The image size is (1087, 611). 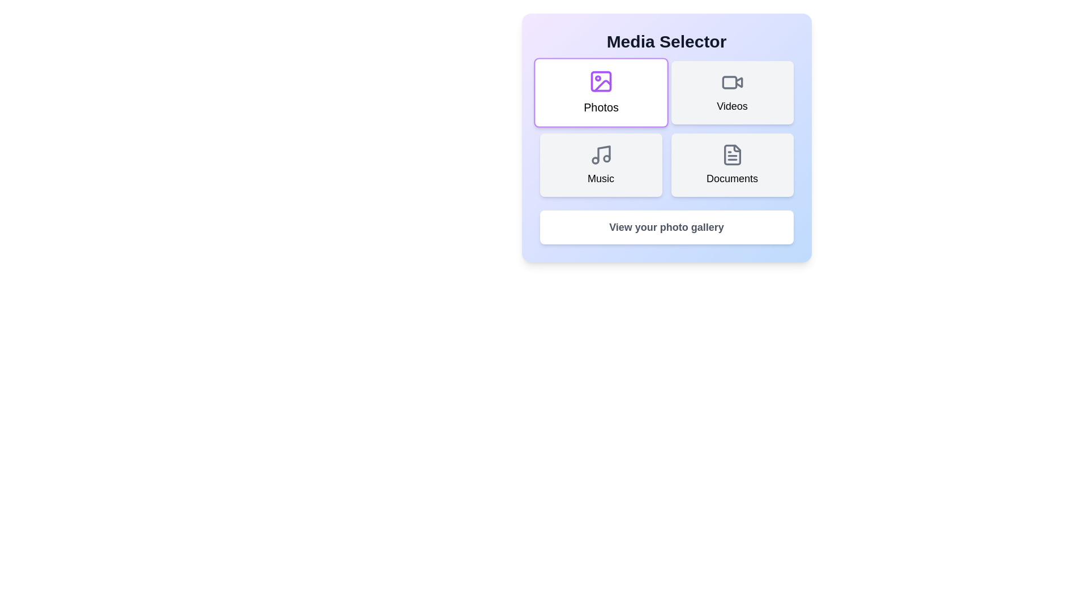 I want to click on the button corresponding to Music to select it, so click(x=600, y=165).